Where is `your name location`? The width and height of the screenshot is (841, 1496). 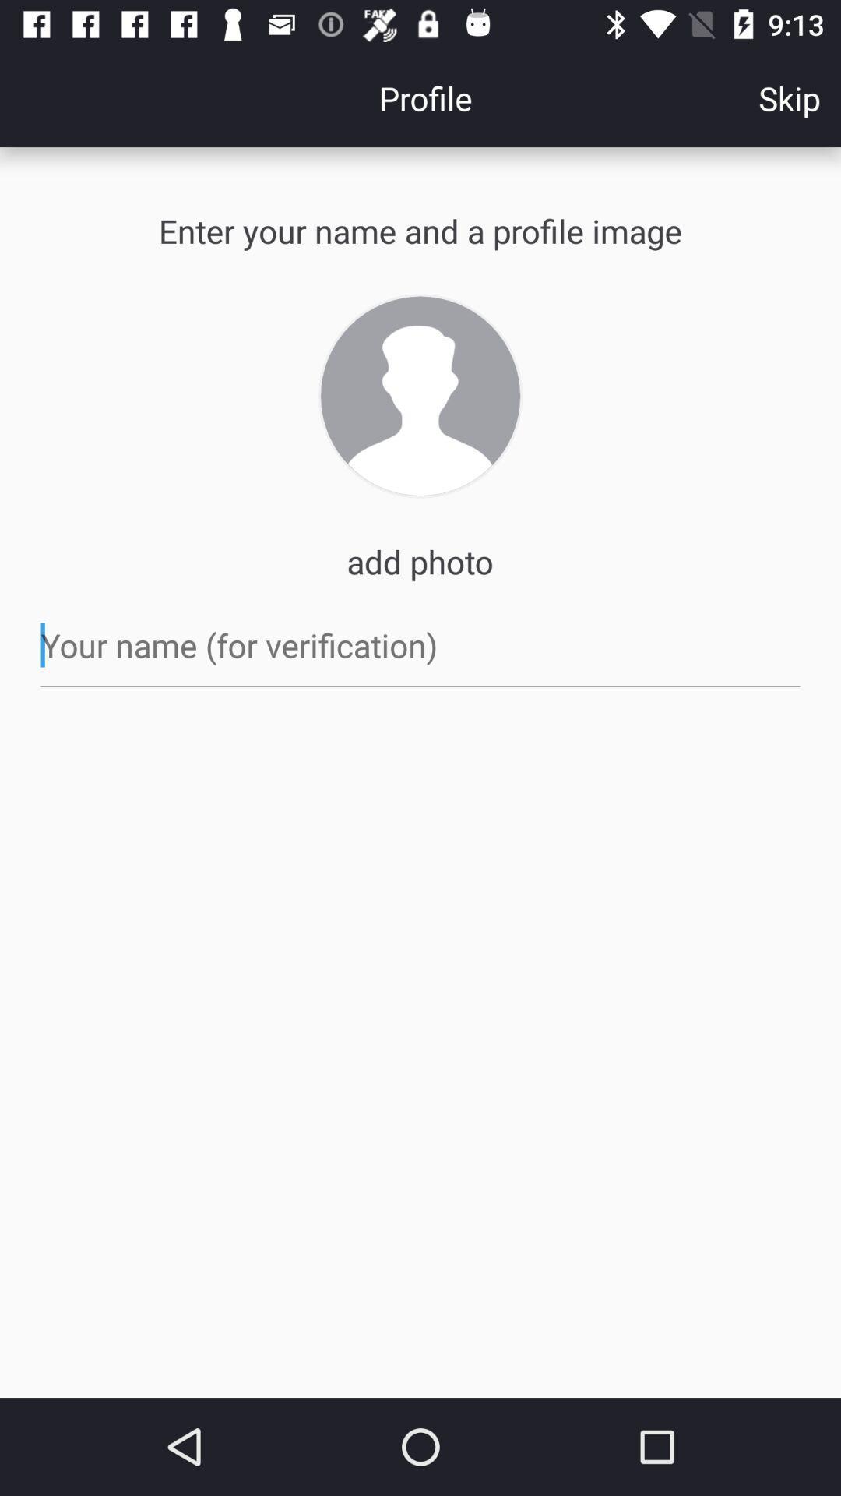
your name location is located at coordinates (420, 645).